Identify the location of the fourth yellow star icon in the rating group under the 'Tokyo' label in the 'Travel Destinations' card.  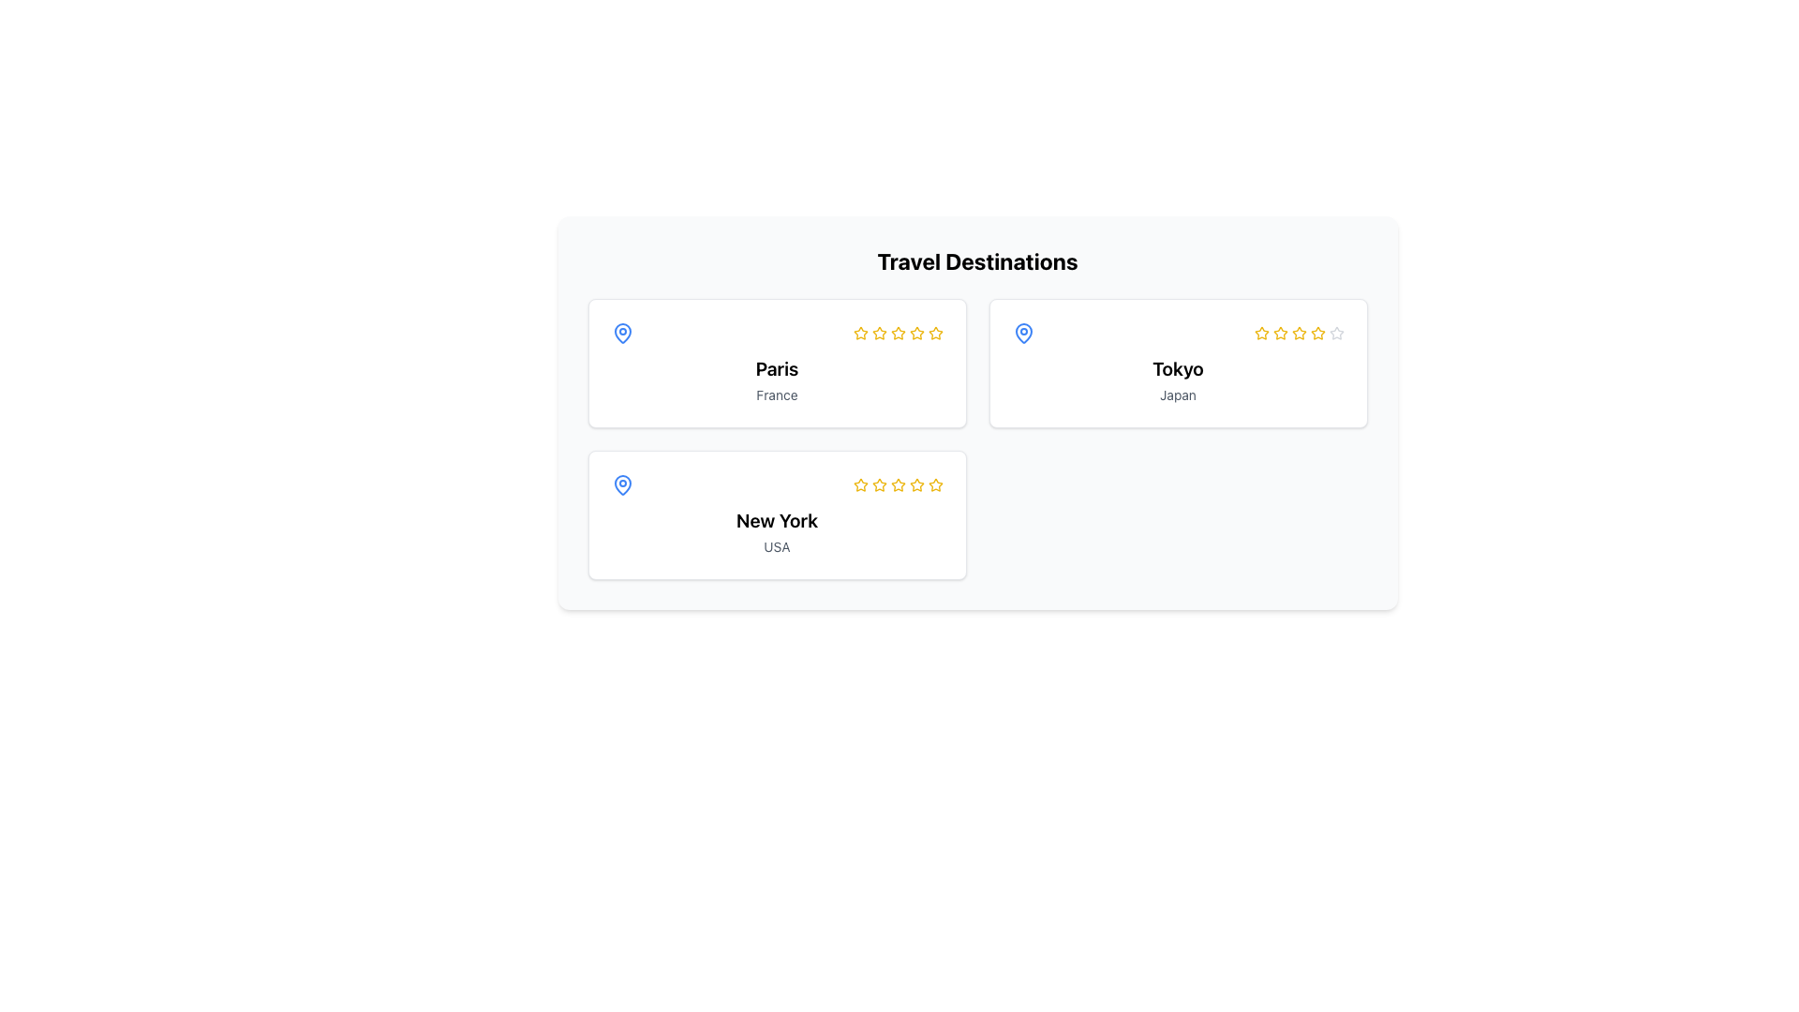
(1298, 332).